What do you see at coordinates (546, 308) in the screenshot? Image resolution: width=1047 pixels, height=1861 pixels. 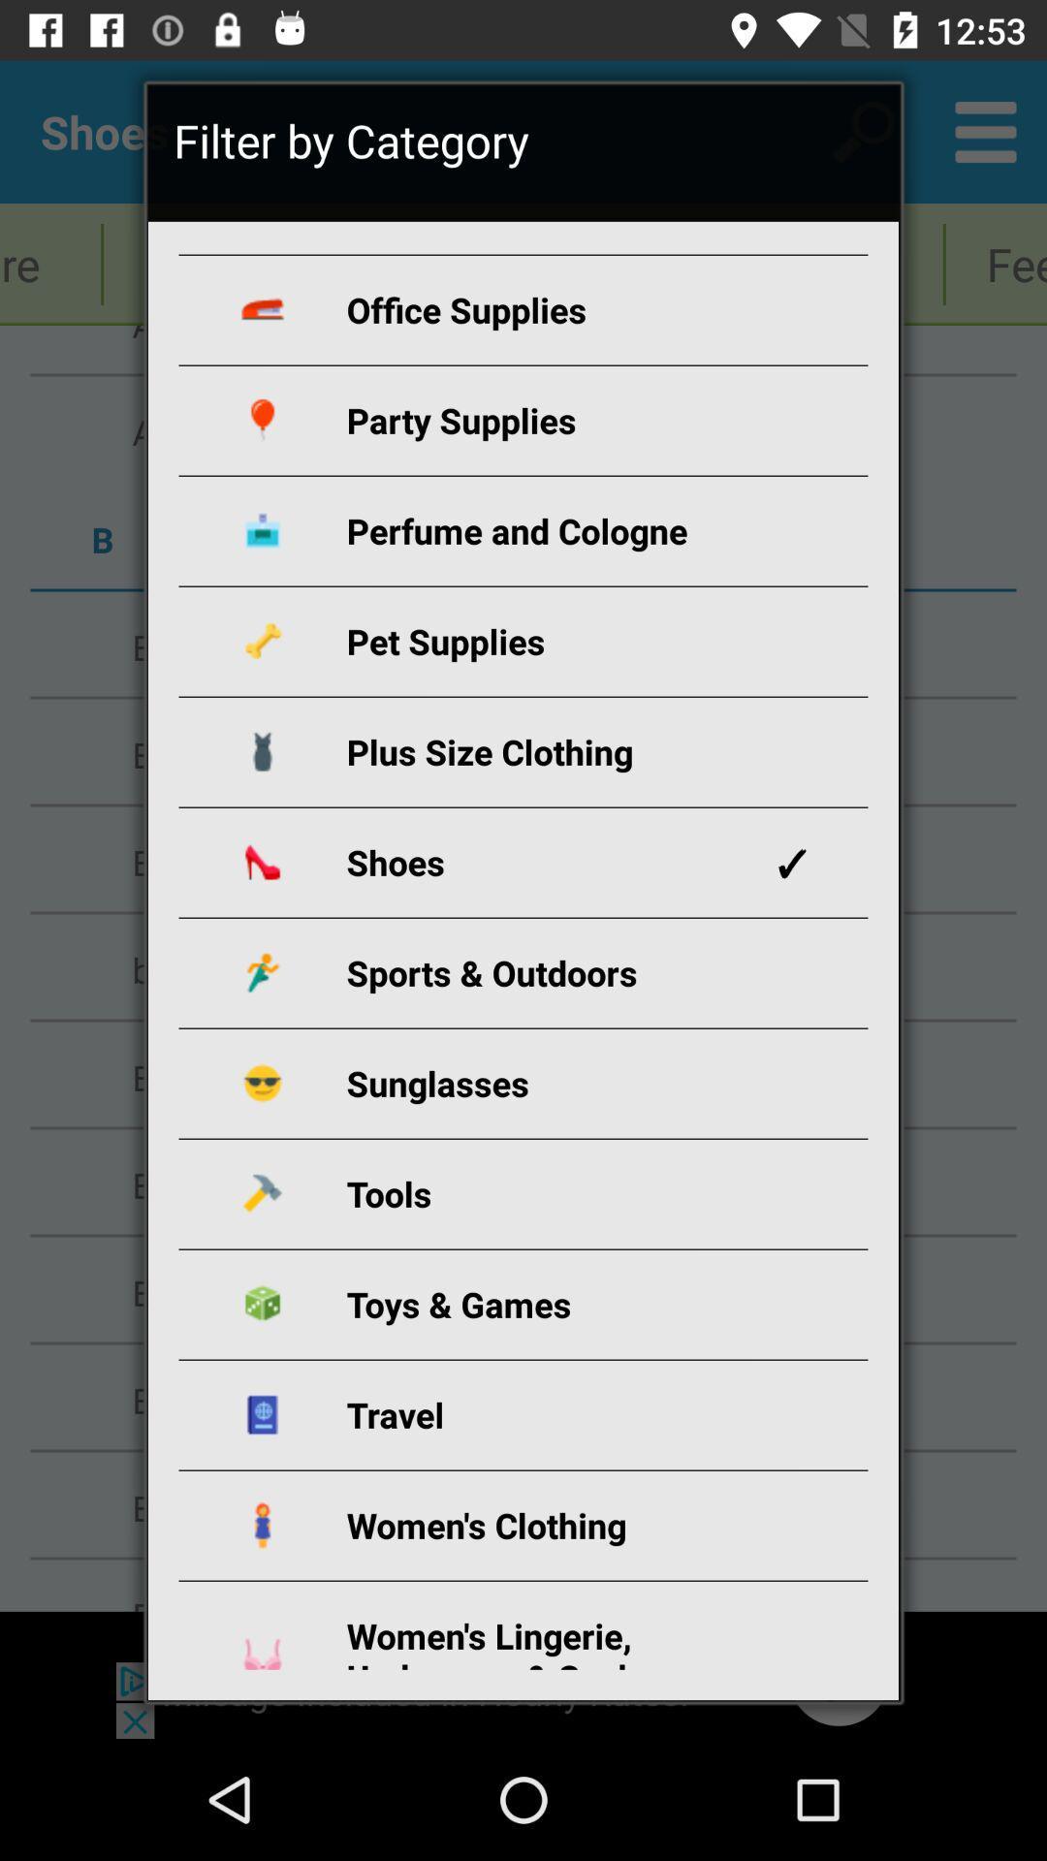 I see `the office supplies` at bounding box center [546, 308].